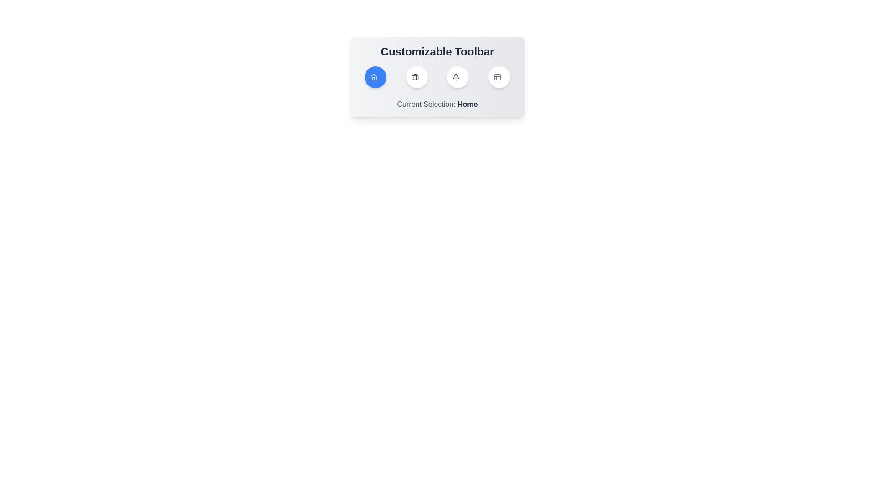 Image resolution: width=874 pixels, height=491 pixels. What do you see at coordinates (373, 76) in the screenshot?
I see `the small house-shaped SVG icon with a blue circular background, located inside the leftmost button of the 'Customizable Toolbar'` at bounding box center [373, 76].